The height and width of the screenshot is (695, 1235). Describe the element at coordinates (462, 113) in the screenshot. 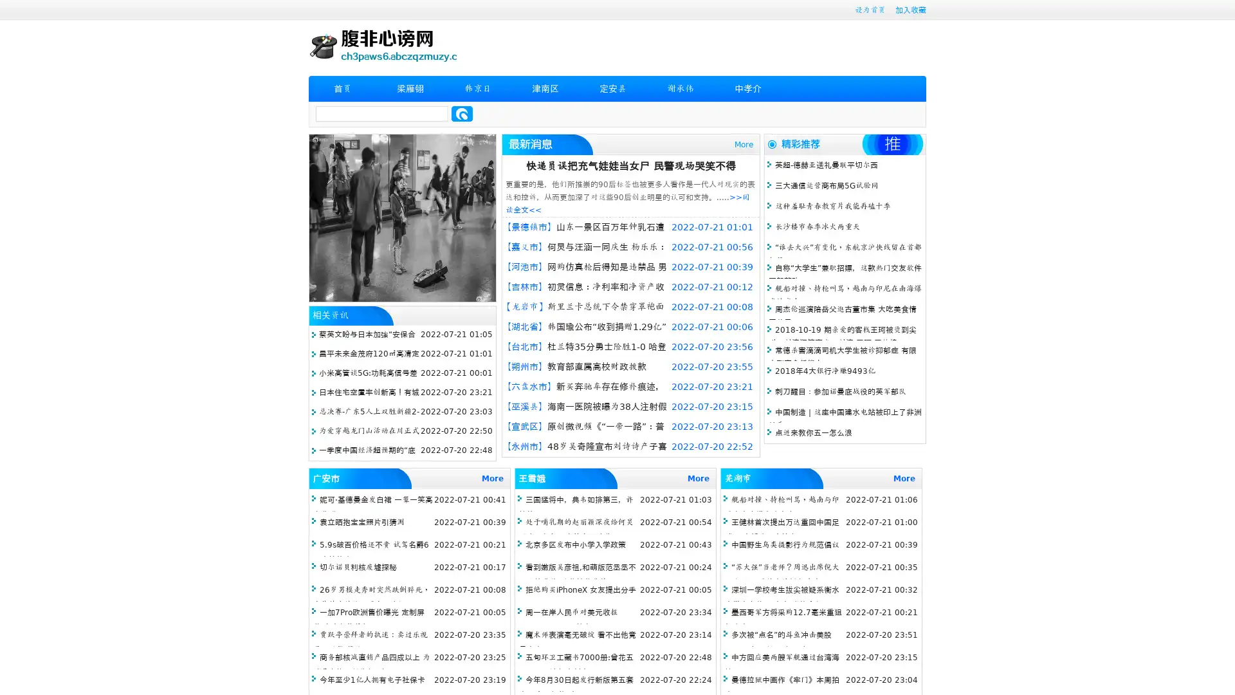

I see `Search` at that location.